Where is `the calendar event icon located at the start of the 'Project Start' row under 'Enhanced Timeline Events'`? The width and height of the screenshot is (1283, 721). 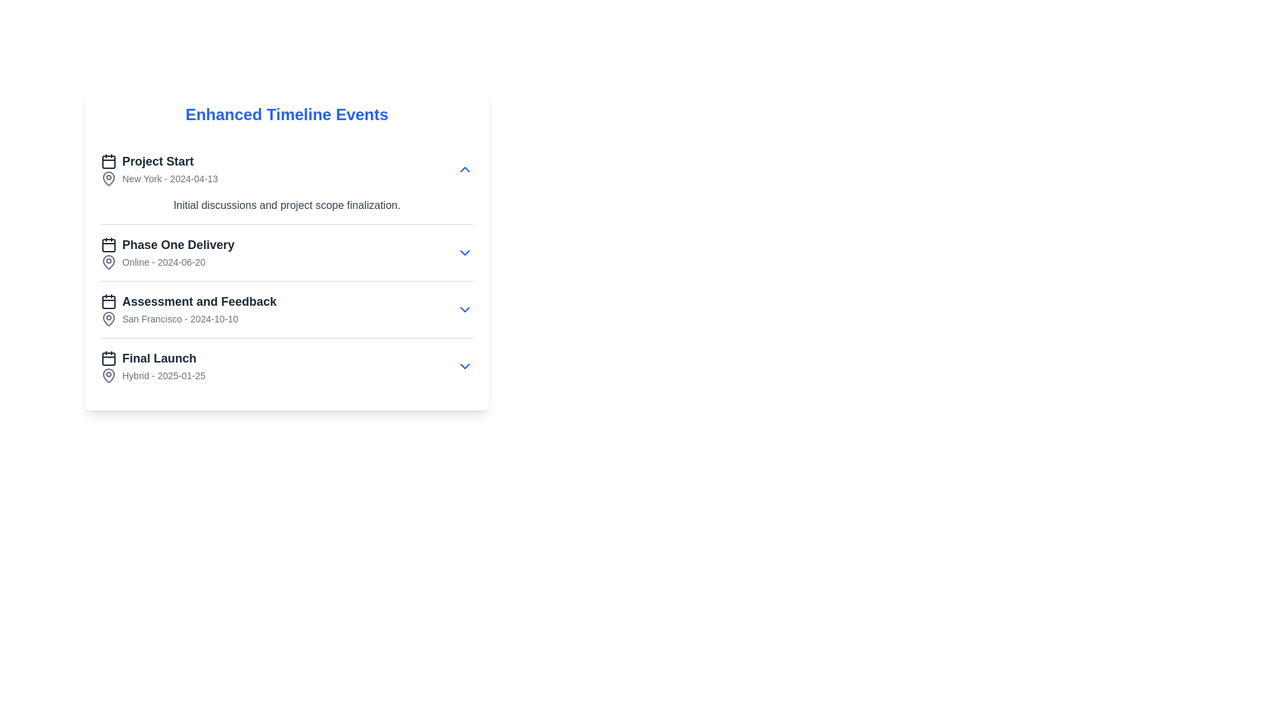
the calendar event icon located at the start of the 'Project Start' row under 'Enhanced Timeline Events' is located at coordinates (109, 161).